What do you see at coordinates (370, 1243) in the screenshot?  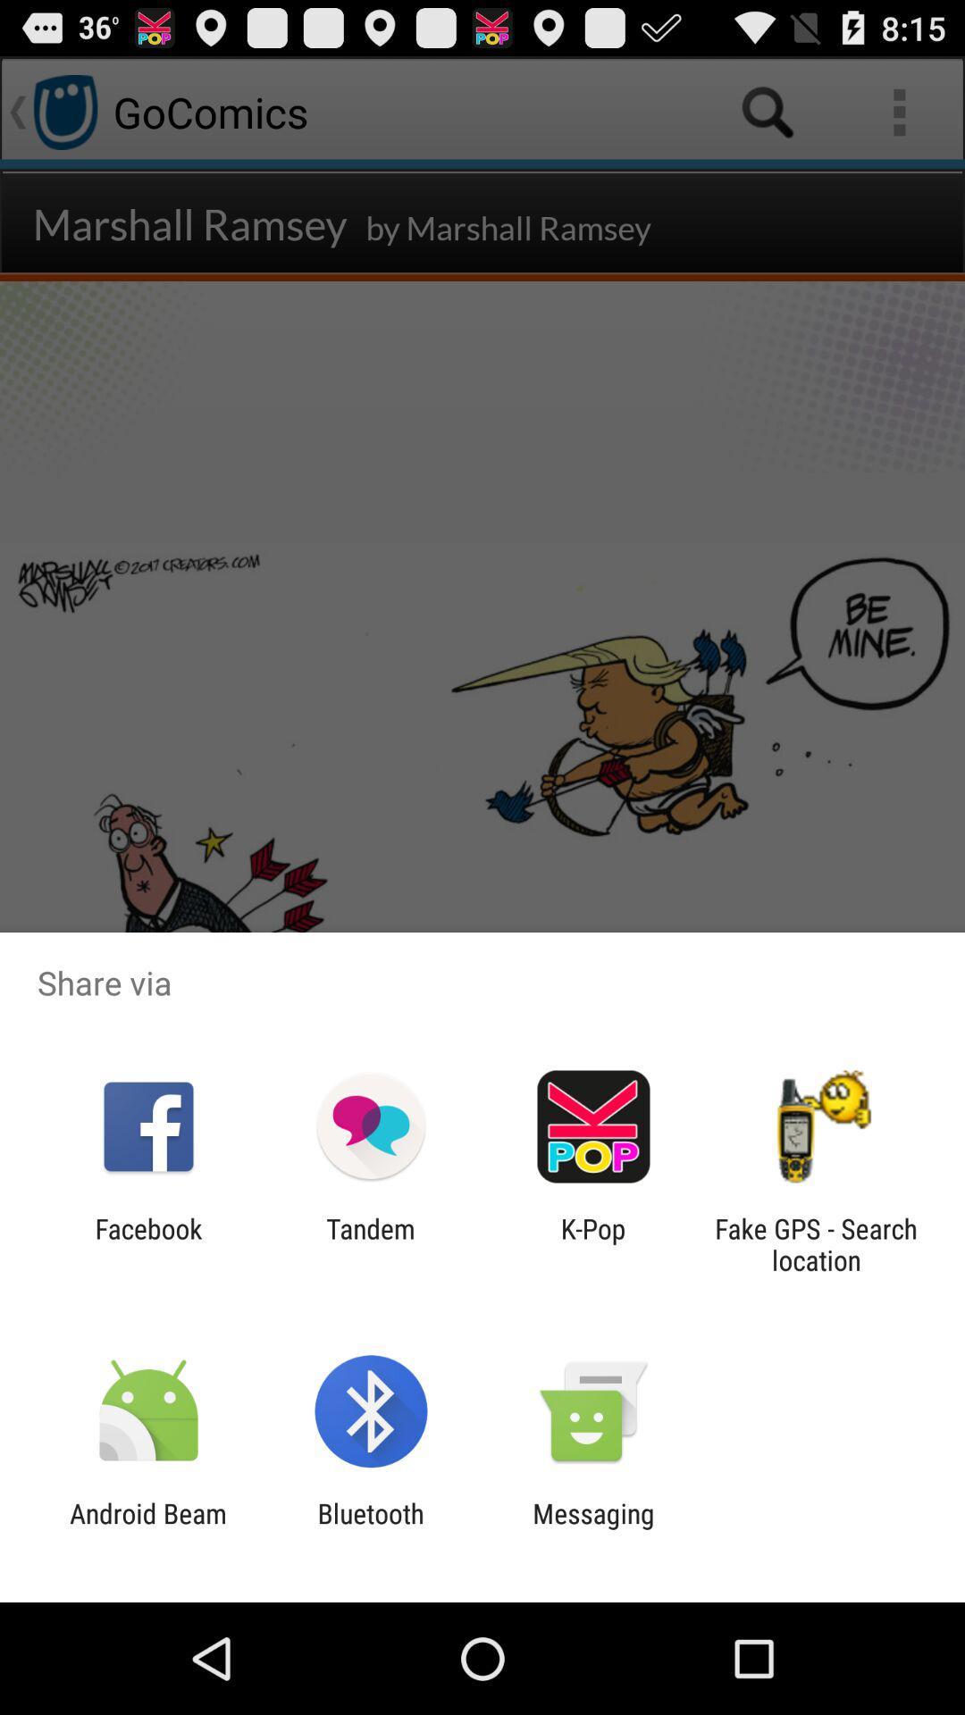 I see `tandem icon` at bounding box center [370, 1243].